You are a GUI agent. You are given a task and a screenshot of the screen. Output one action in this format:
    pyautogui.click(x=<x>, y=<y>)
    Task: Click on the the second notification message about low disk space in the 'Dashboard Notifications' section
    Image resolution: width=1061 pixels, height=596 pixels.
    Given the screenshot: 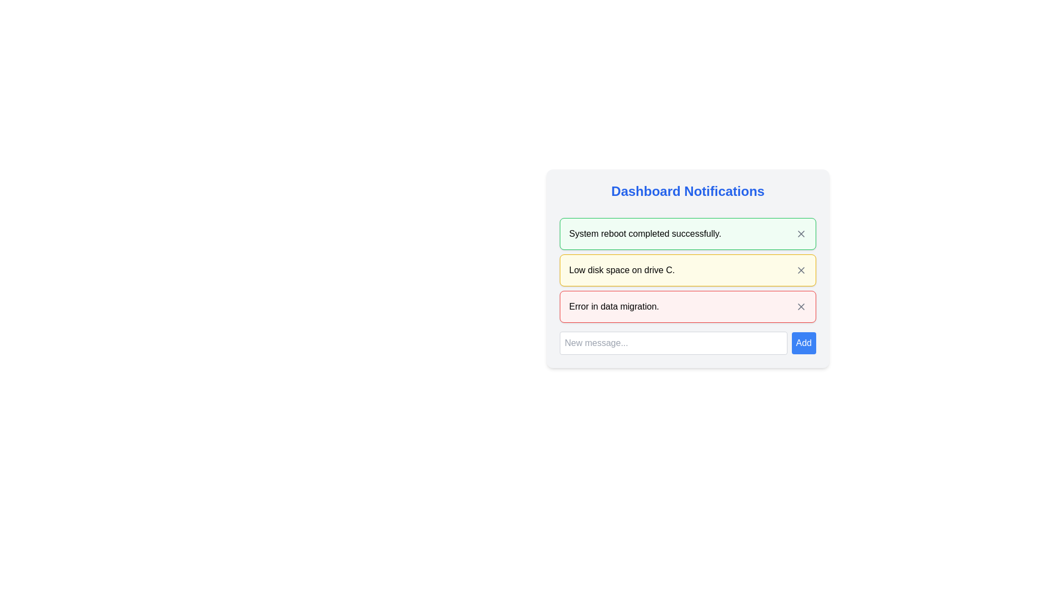 What is the action you would take?
    pyautogui.click(x=687, y=270)
    